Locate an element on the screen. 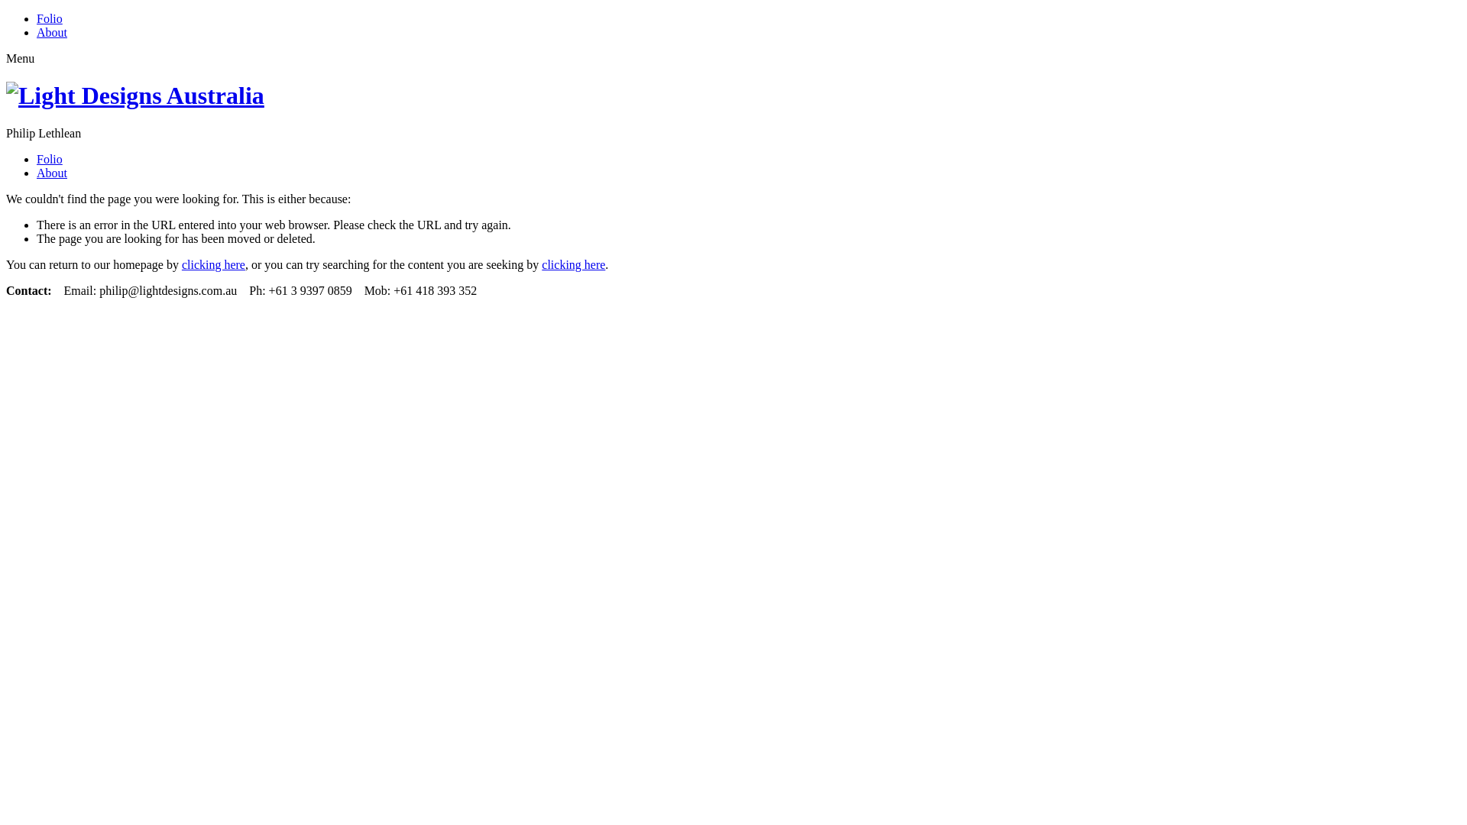 The width and height of the screenshot is (1467, 825). 'About' is located at coordinates (51, 172).